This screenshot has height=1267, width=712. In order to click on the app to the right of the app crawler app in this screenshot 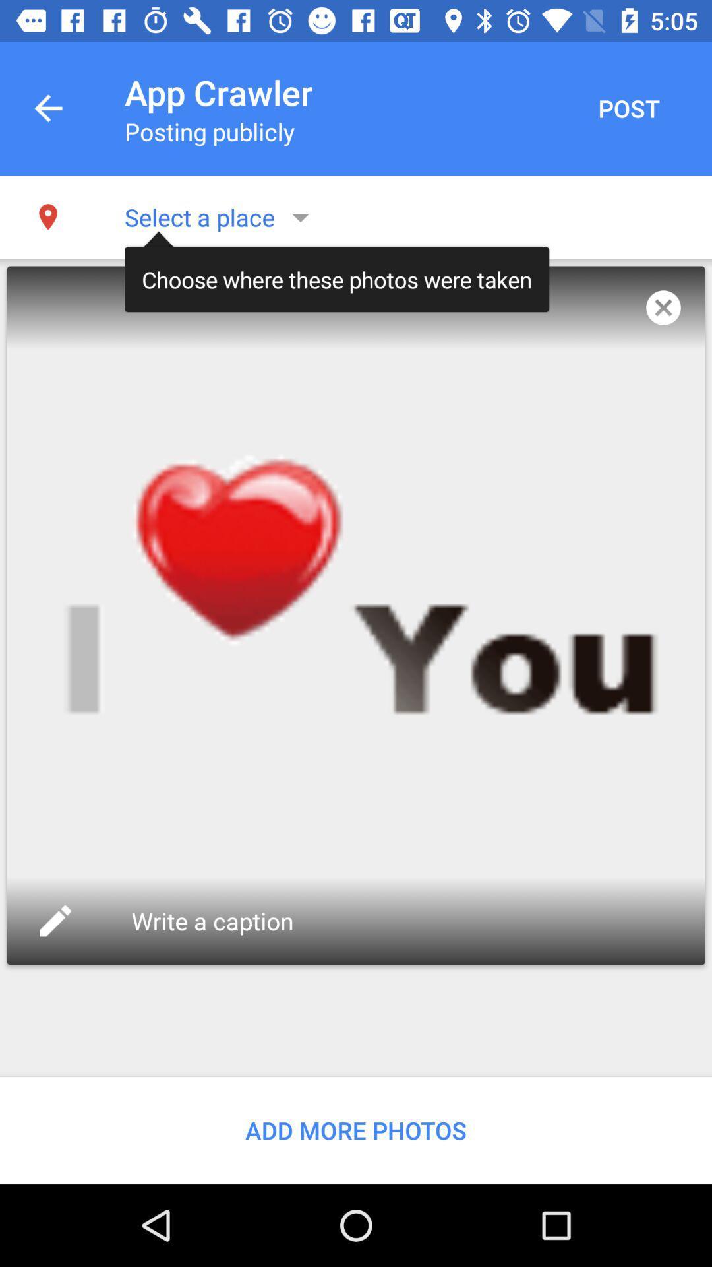, I will do `click(628, 108)`.